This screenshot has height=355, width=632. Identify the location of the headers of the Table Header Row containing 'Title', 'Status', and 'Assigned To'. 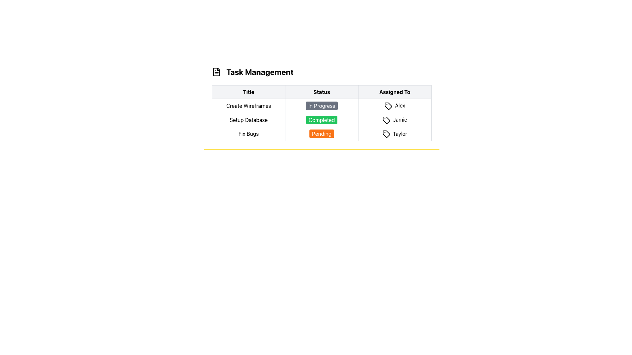
(322, 92).